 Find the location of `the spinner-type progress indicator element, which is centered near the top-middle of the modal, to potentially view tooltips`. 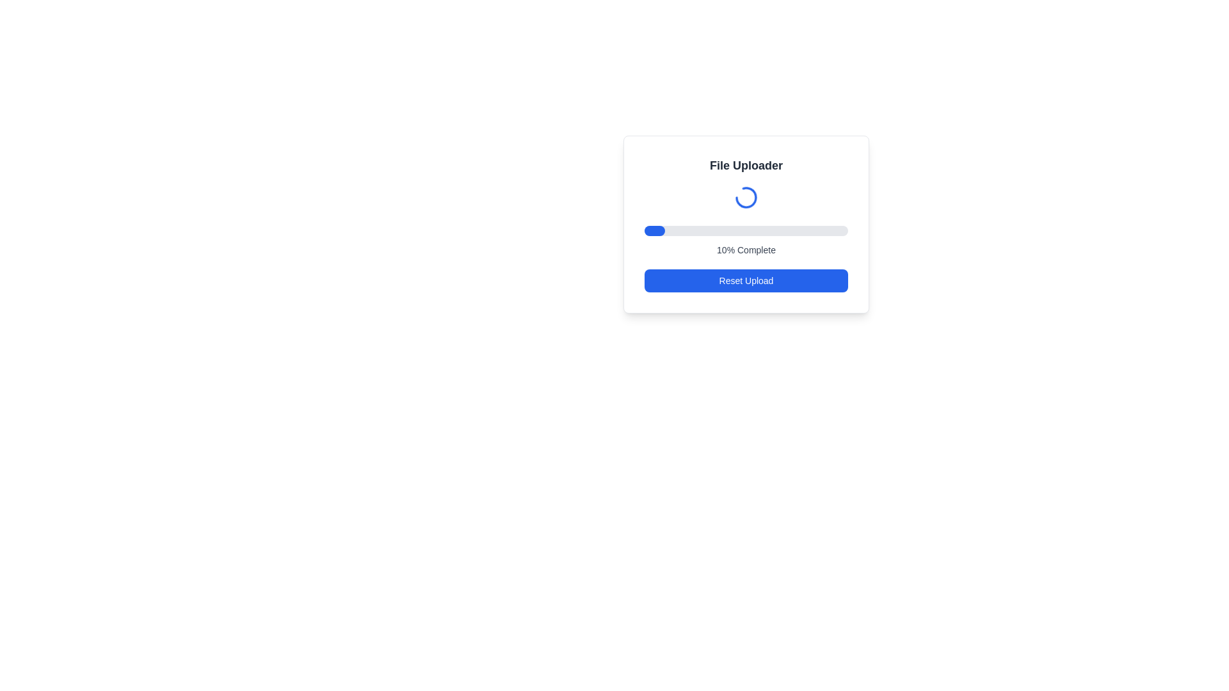

the spinner-type progress indicator element, which is centered near the top-middle of the modal, to potentially view tooltips is located at coordinates (746, 197).